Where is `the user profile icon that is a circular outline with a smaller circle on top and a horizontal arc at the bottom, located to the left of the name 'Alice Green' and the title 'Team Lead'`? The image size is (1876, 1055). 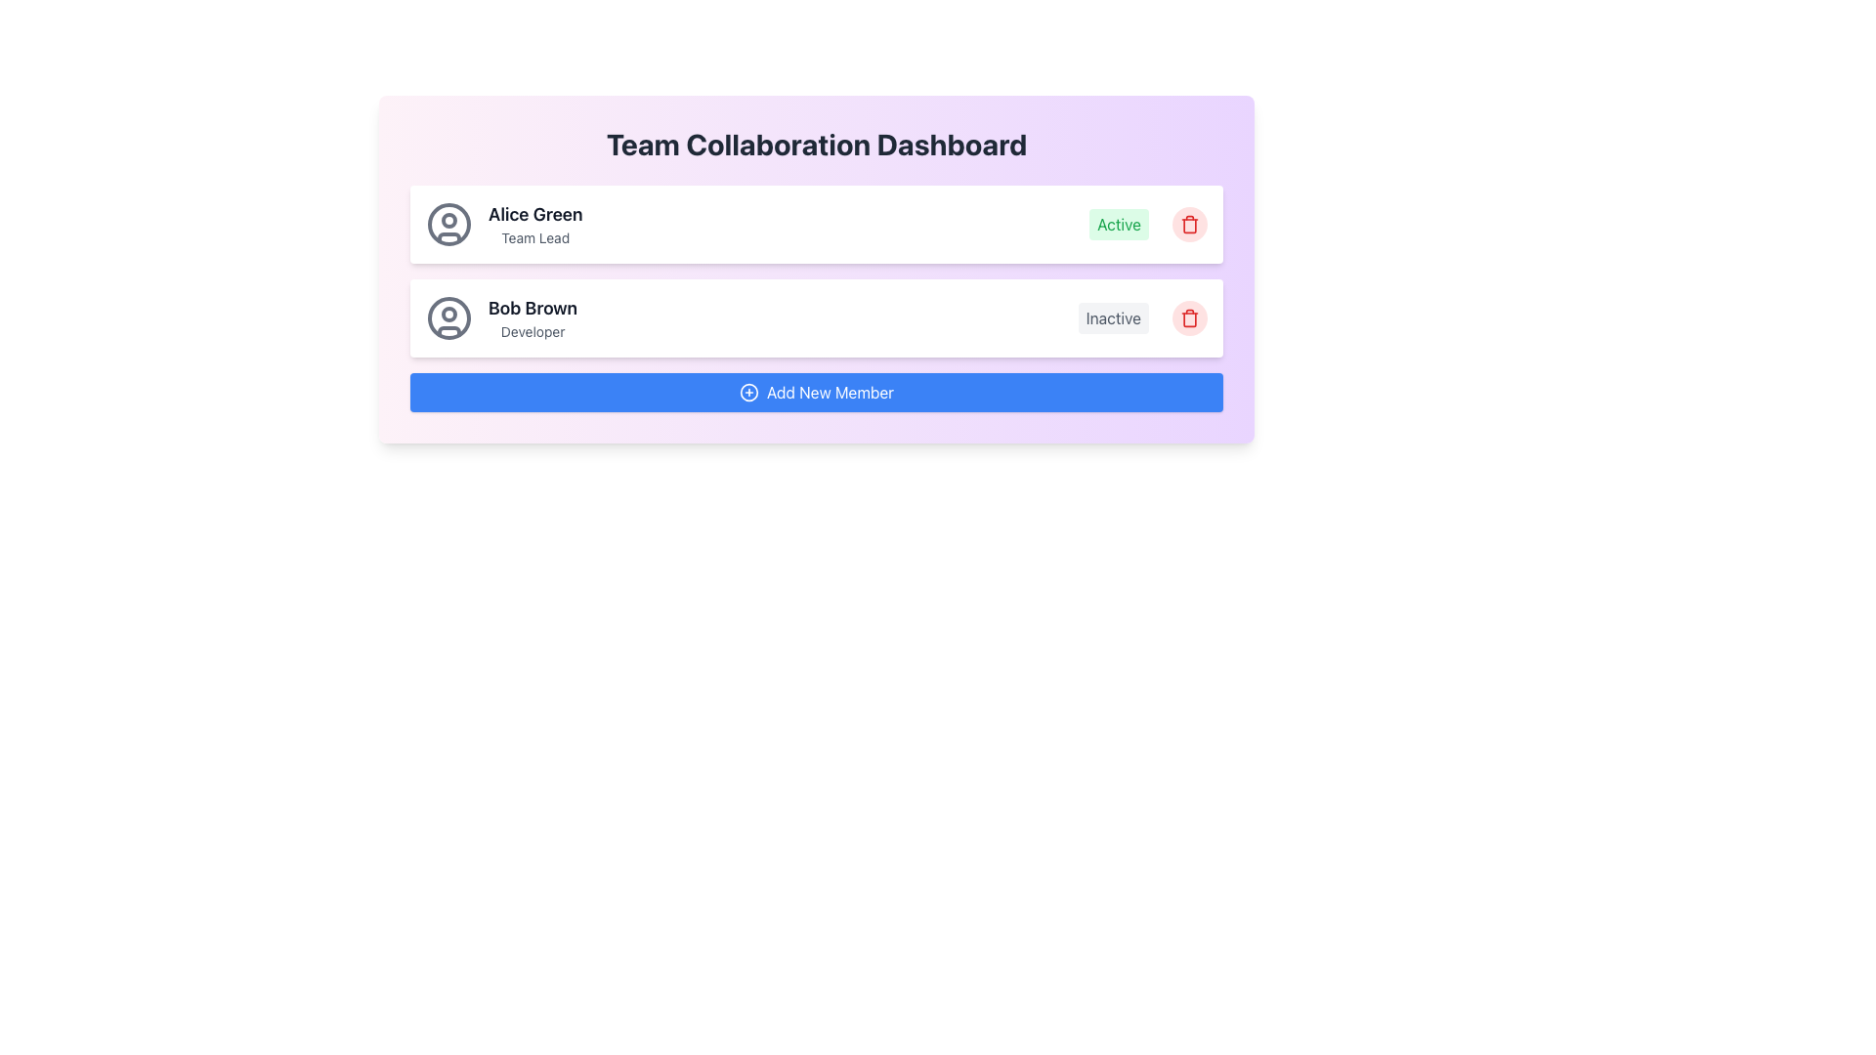
the user profile icon that is a circular outline with a smaller circle on top and a horizontal arc at the bottom, located to the left of the name 'Alice Green' and the title 'Team Lead' is located at coordinates (448, 224).